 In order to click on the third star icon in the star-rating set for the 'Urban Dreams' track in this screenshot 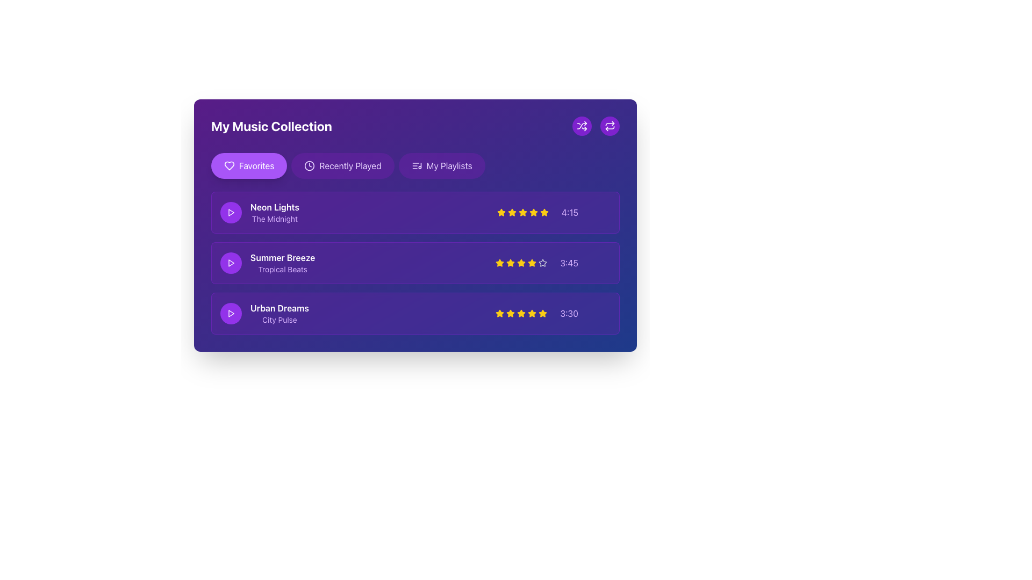, I will do `click(521, 313)`.